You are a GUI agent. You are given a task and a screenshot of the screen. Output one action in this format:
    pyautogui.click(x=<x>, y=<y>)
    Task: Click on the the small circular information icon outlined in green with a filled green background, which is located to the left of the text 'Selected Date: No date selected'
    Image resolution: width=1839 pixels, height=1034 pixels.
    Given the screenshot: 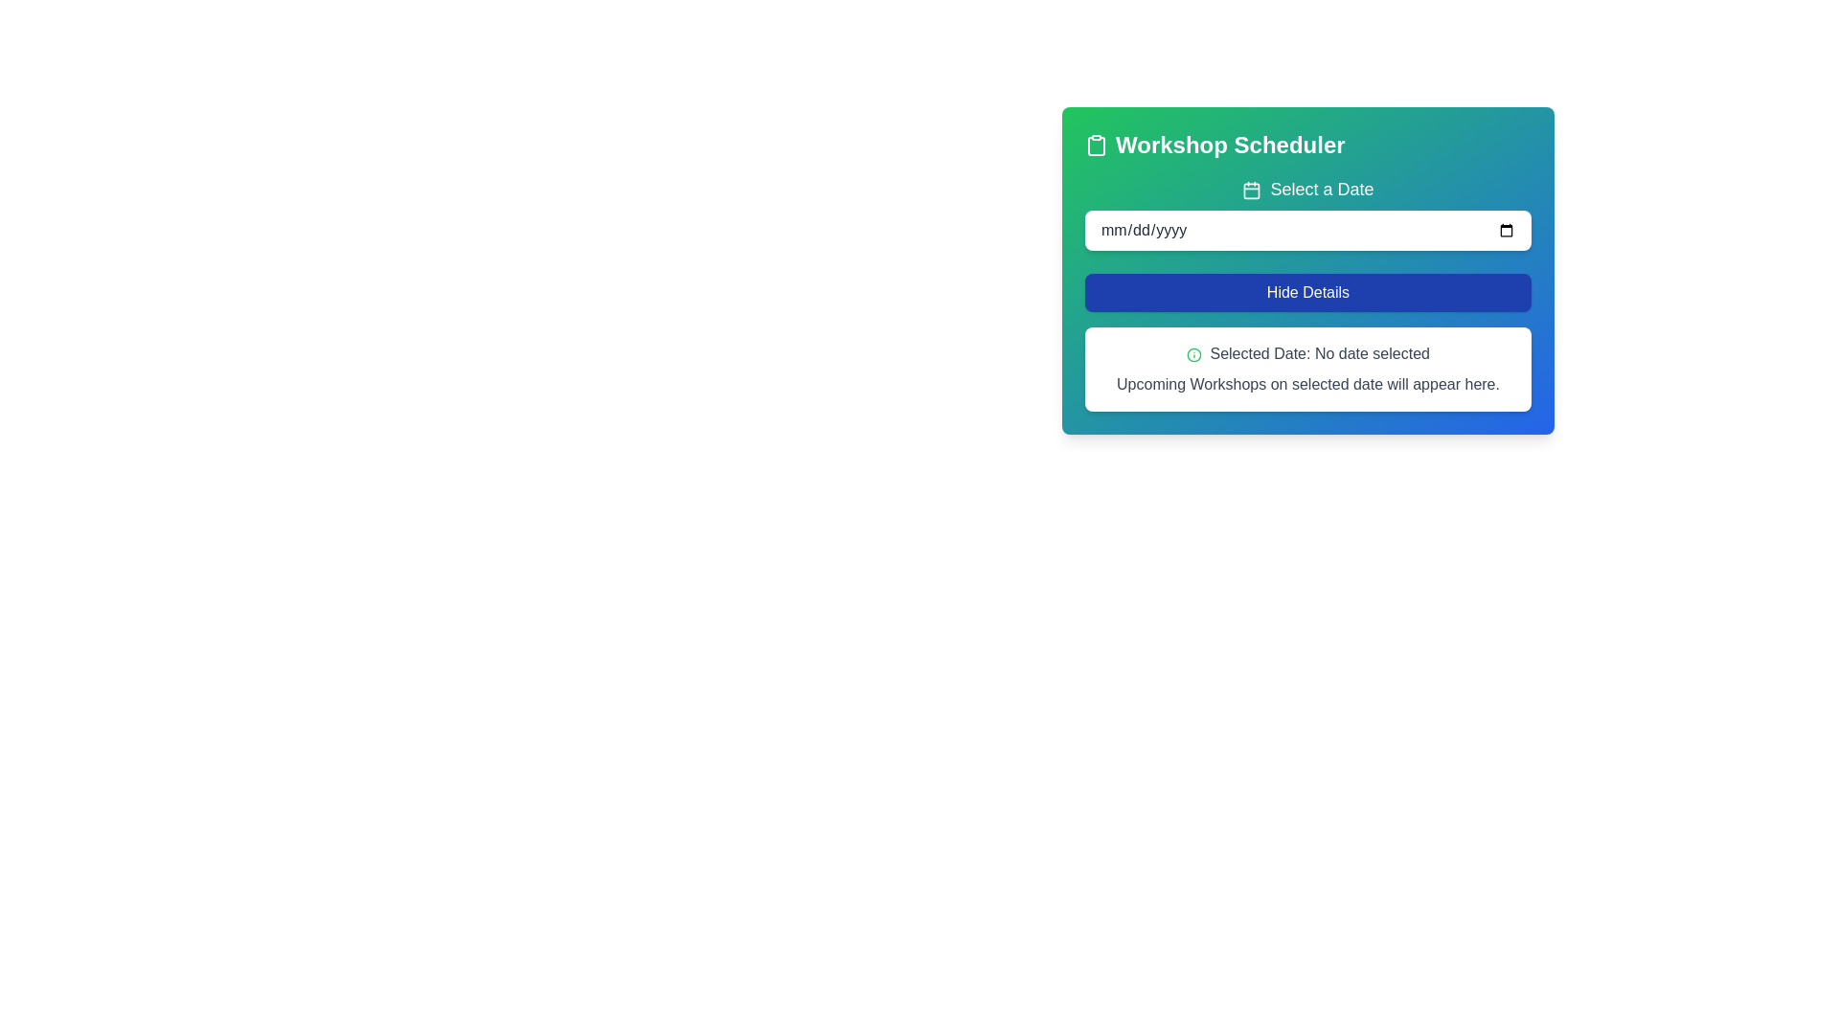 What is the action you would take?
    pyautogui.click(x=1193, y=354)
    